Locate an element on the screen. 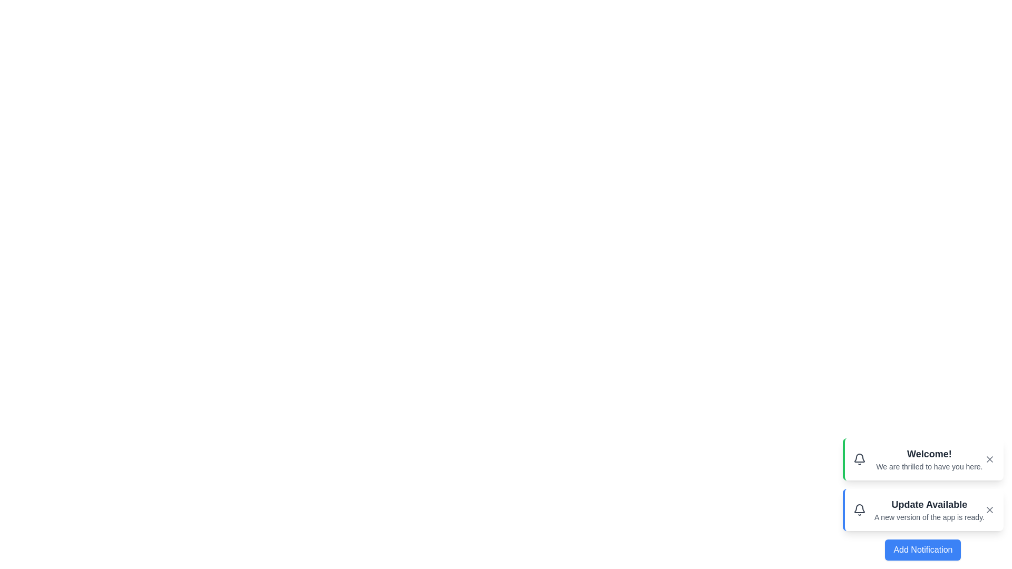 This screenshot has height=569, width=1012. 'Add Notification' button to add a new notification is located at coordinates (922, 550).